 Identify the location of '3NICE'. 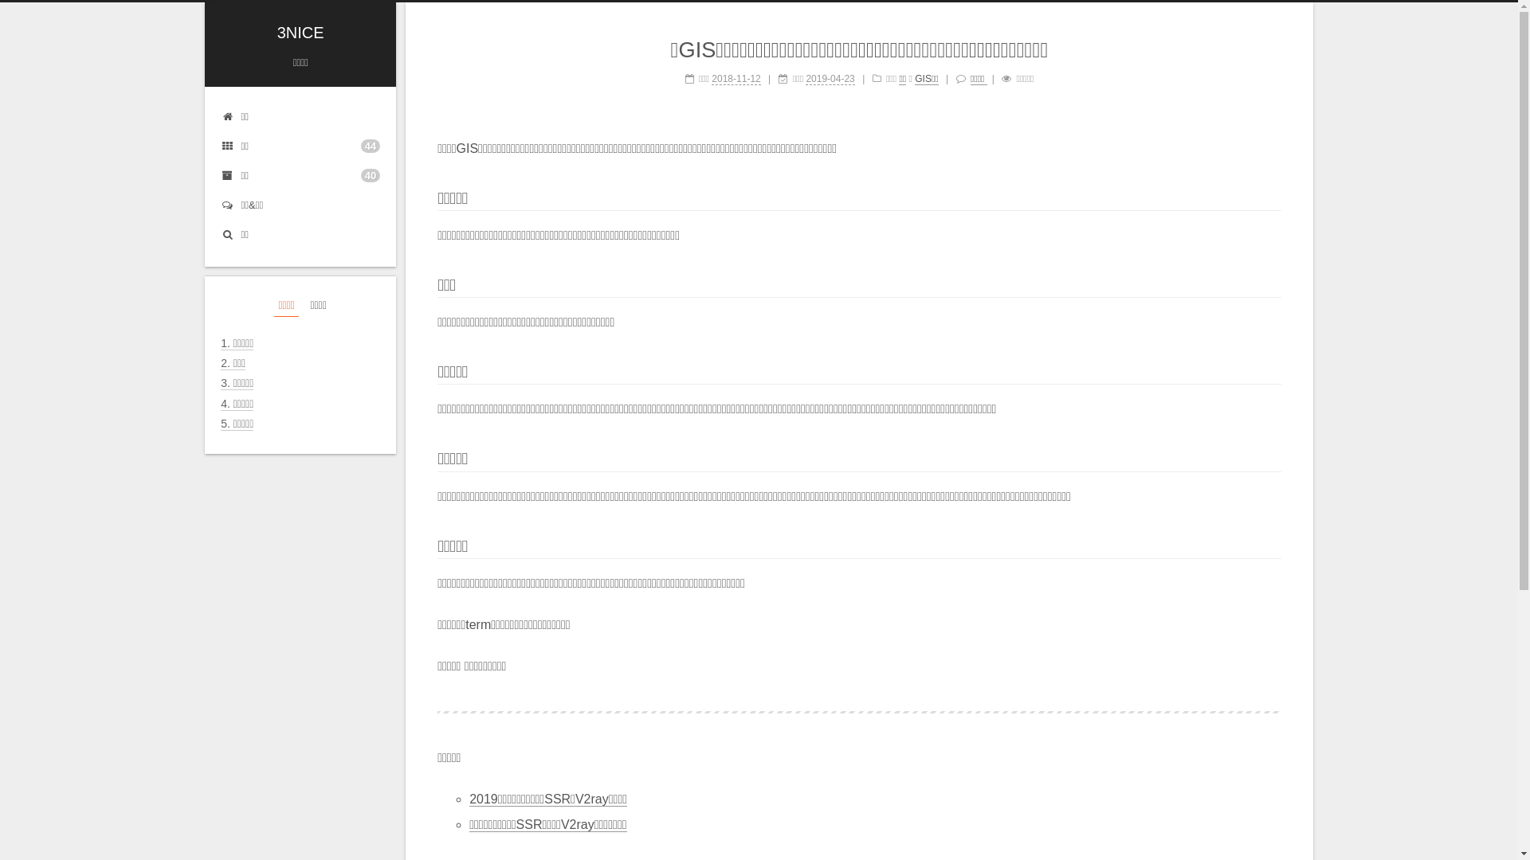
(300, 33).